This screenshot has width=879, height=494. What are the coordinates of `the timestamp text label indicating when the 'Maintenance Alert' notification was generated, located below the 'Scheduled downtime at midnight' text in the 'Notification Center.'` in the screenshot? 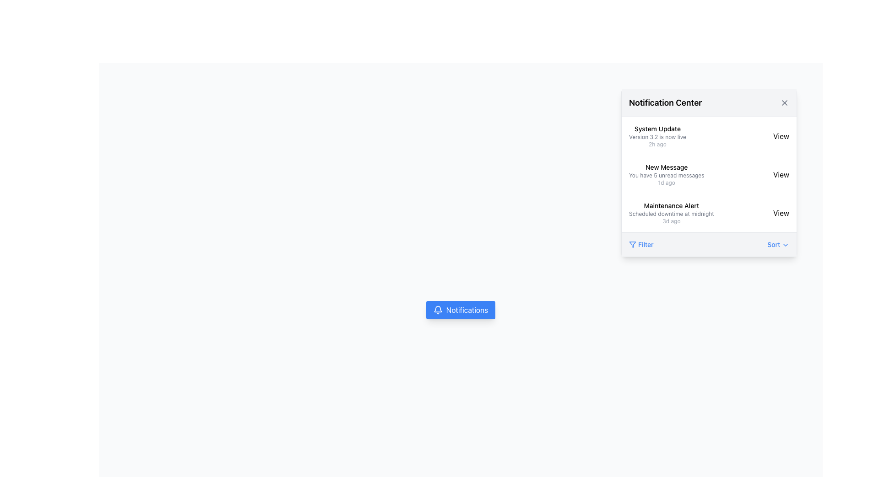 It's located at (671, 221).